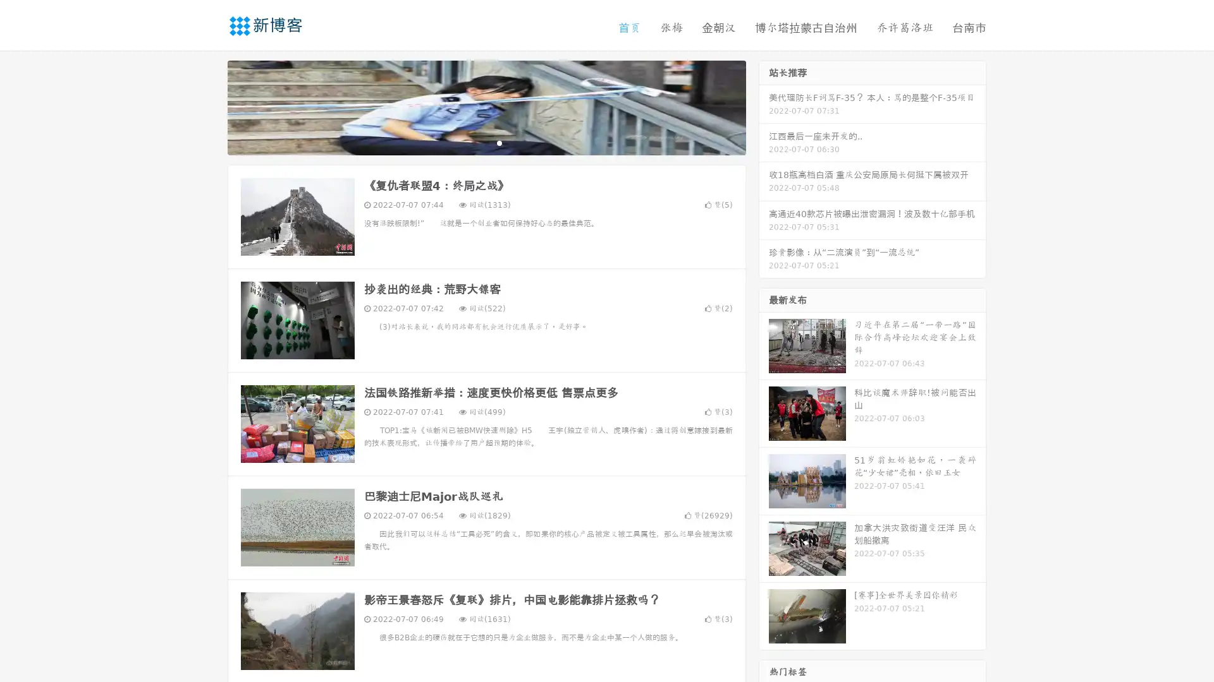 The width and height of the screenshot is (1214, 682). I want to click on Go to slide 1, so click(473, 142).